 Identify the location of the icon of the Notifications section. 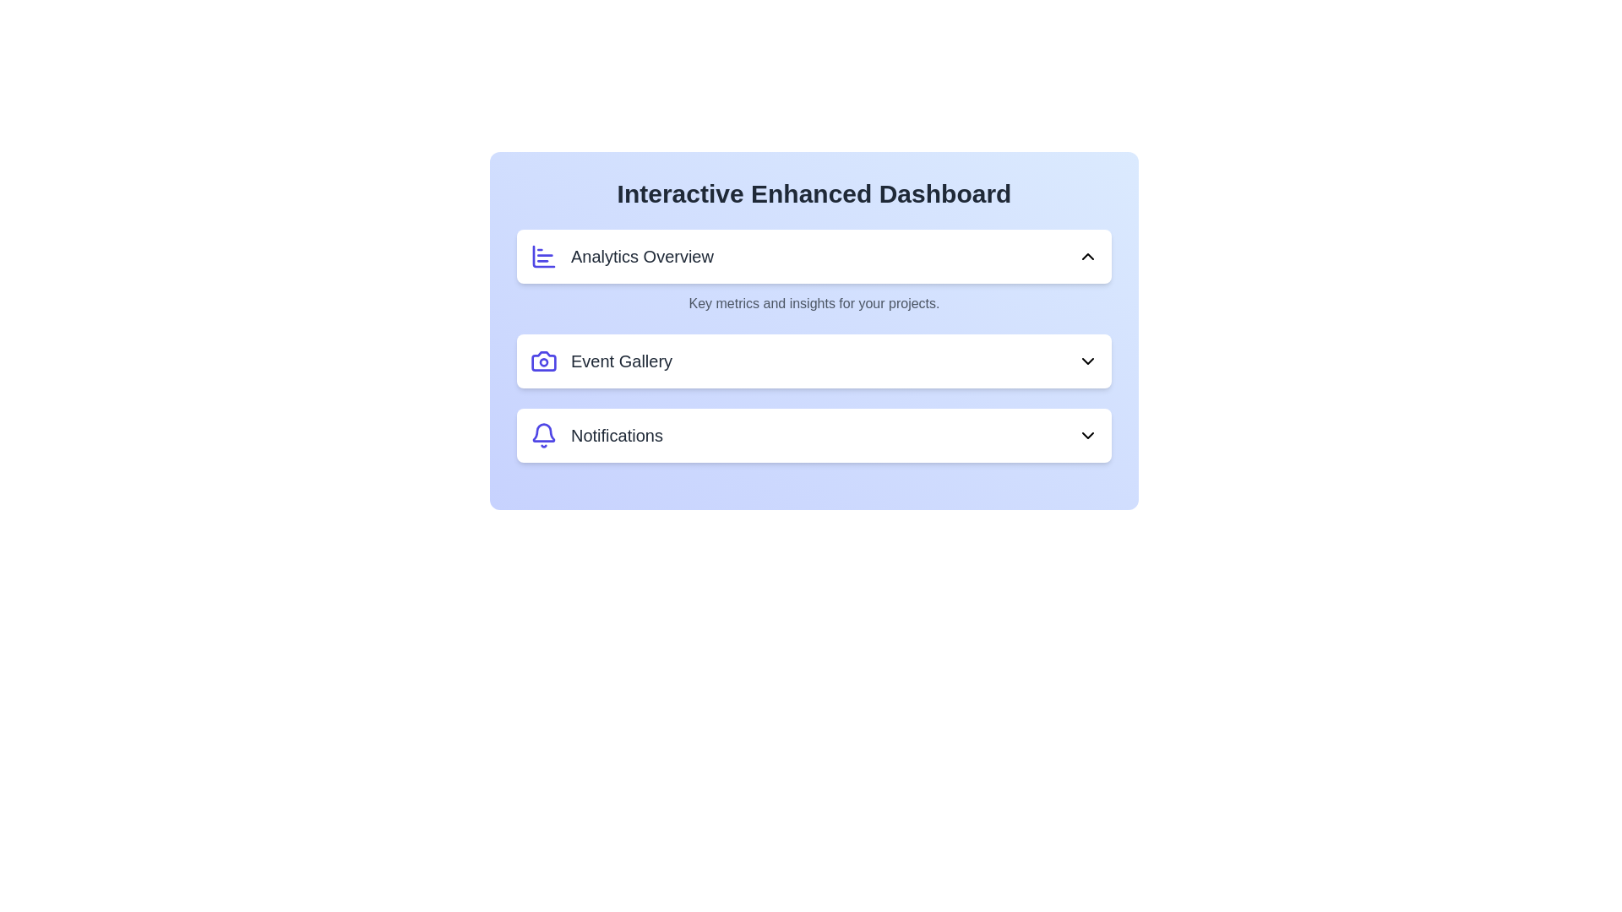
(543, 435).